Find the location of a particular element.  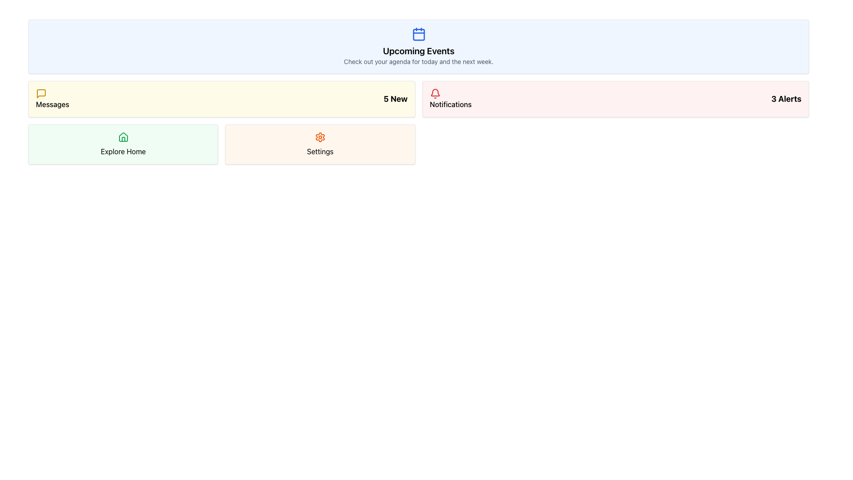

the 'Notifications' label with a red bell icon, which is located in the top right part of the visible section and has a light red background is located at coordinates (450, 99).